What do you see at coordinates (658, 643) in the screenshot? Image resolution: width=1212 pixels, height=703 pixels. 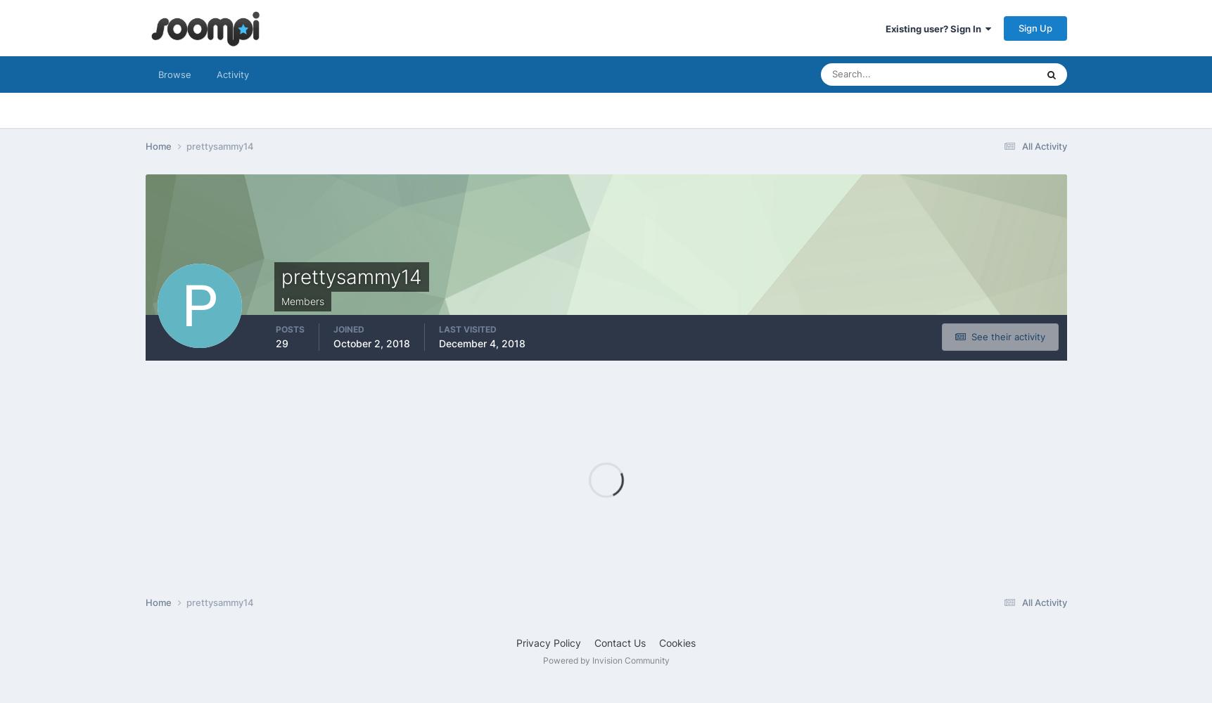 I see `'Cookies'` at bounding box center [658, 643].